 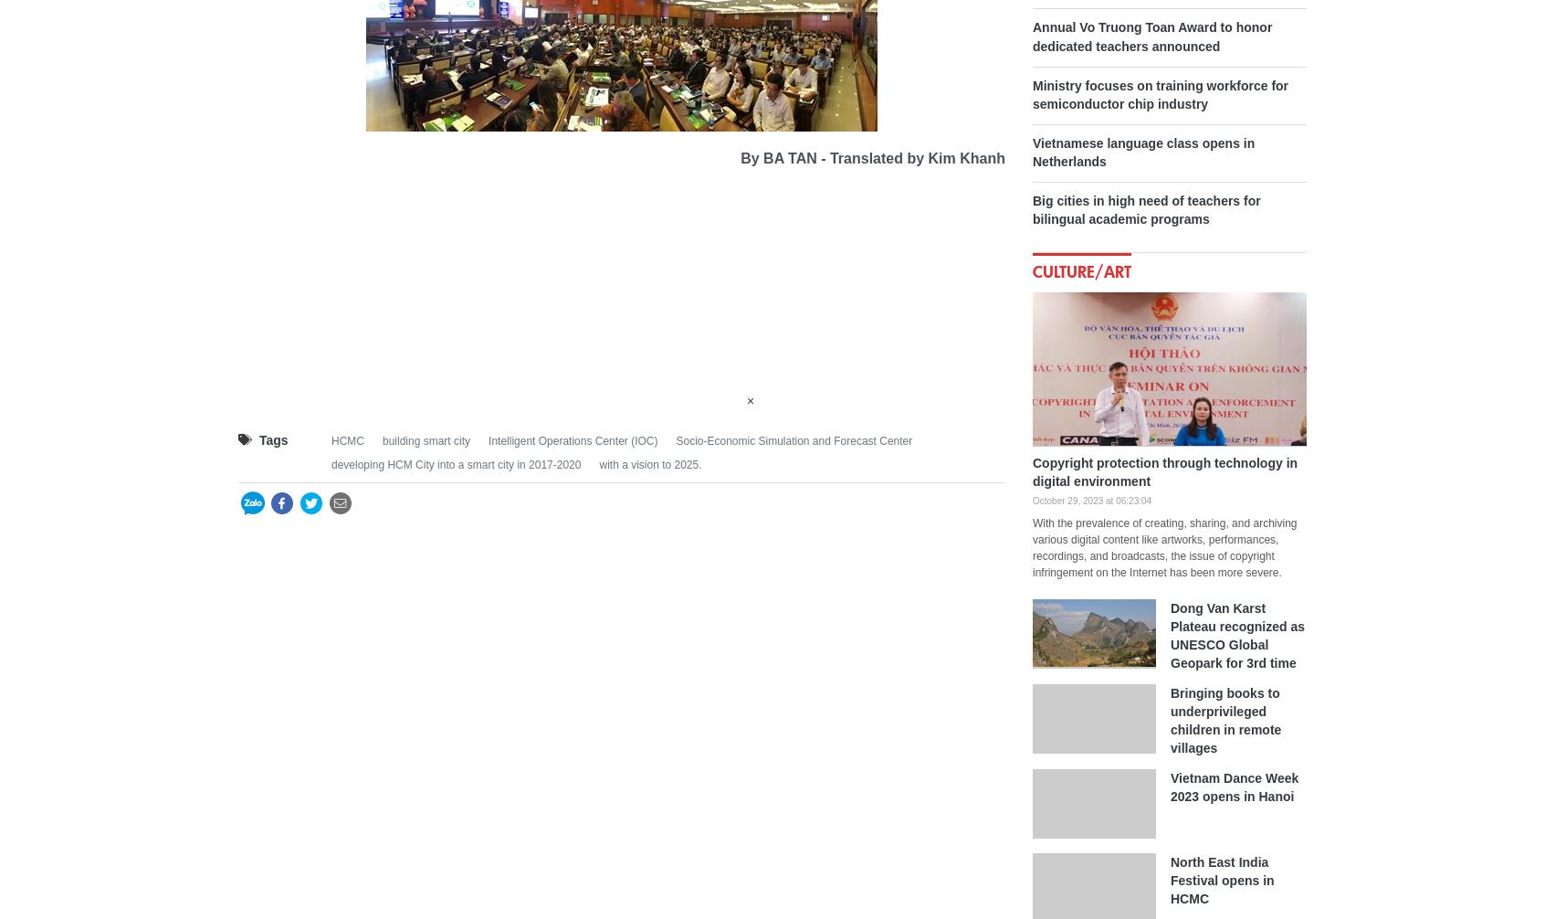 I want to click on 'HCMC', so click(x=348, y=438).